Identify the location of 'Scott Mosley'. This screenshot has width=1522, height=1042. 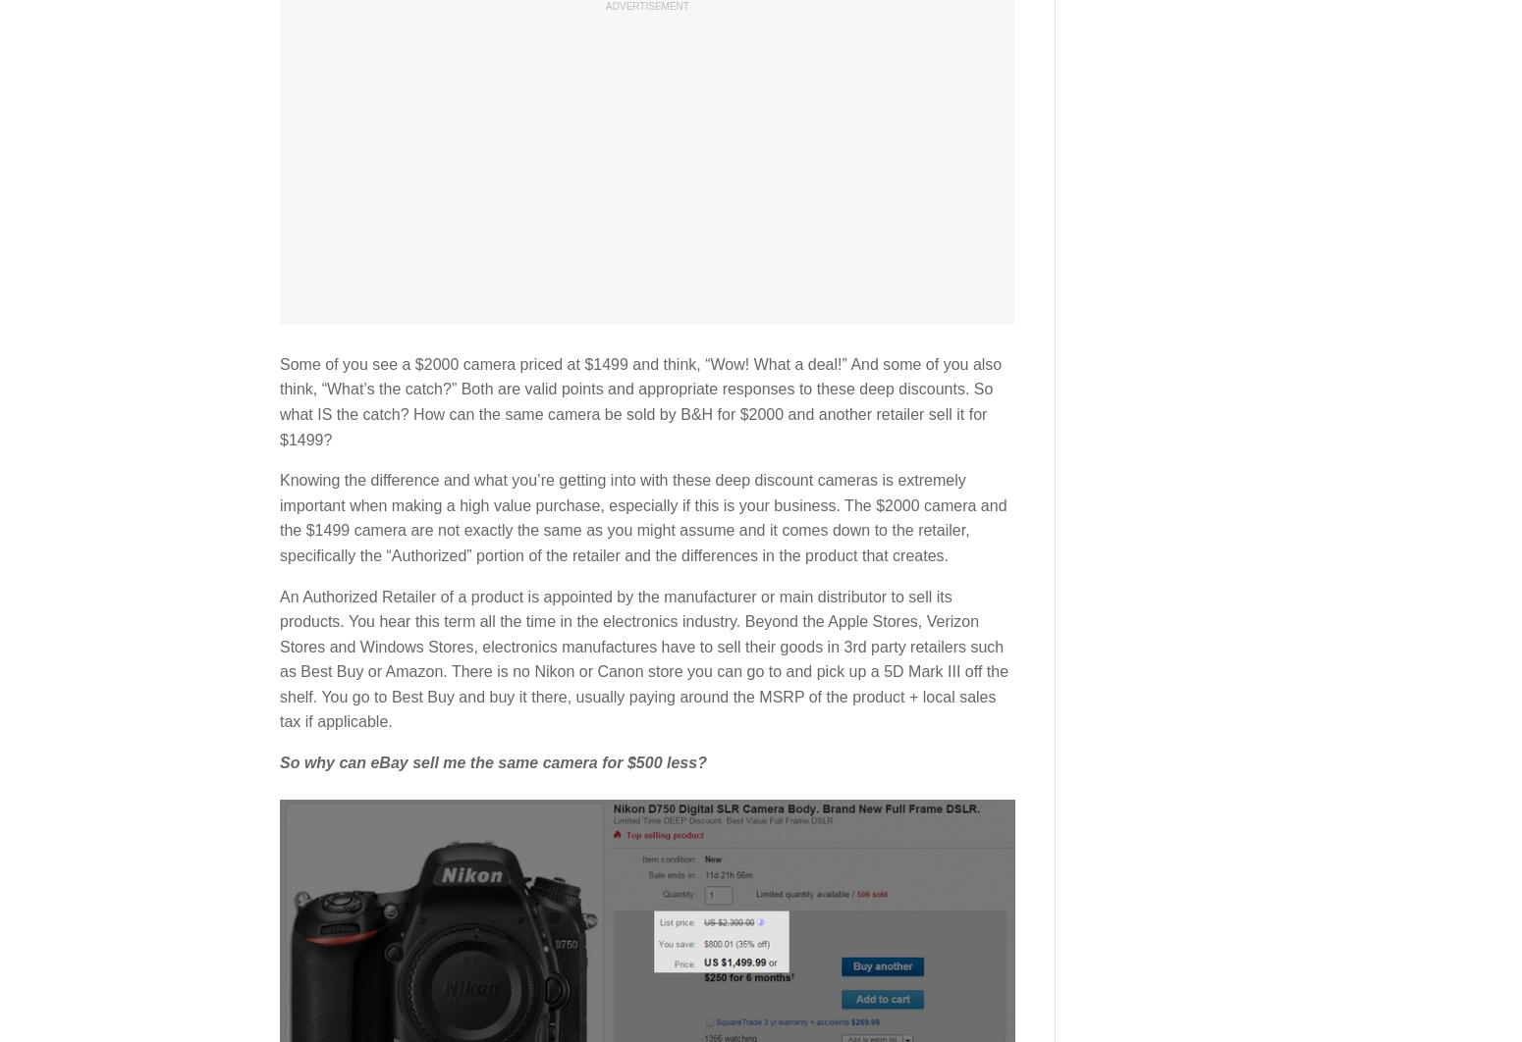
(411, 368).